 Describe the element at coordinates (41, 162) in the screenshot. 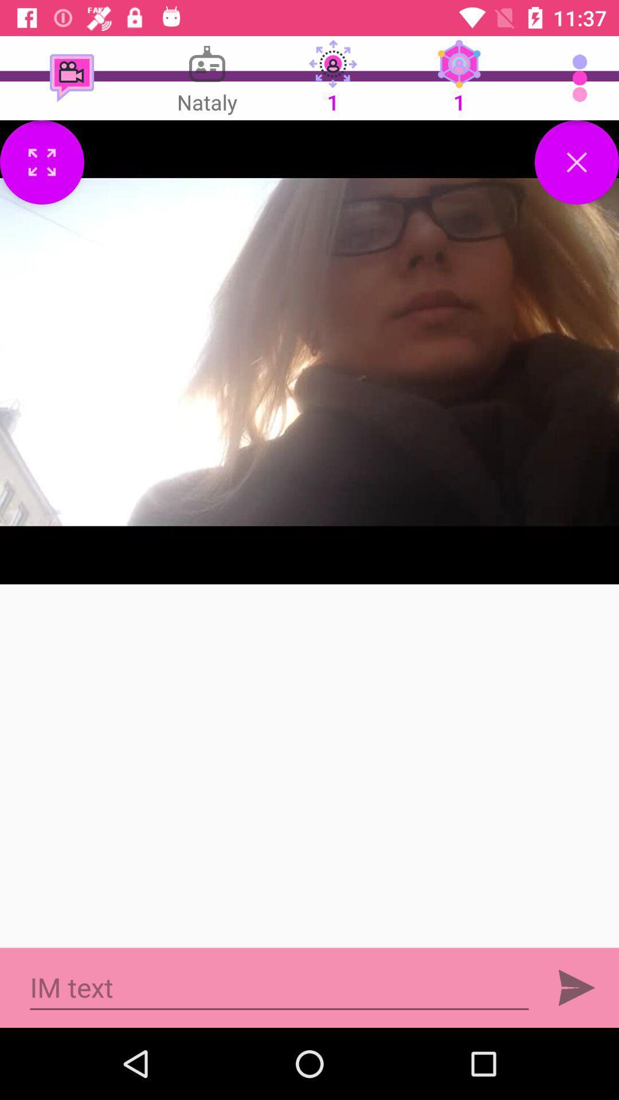

I see `open on full screen` at that location.